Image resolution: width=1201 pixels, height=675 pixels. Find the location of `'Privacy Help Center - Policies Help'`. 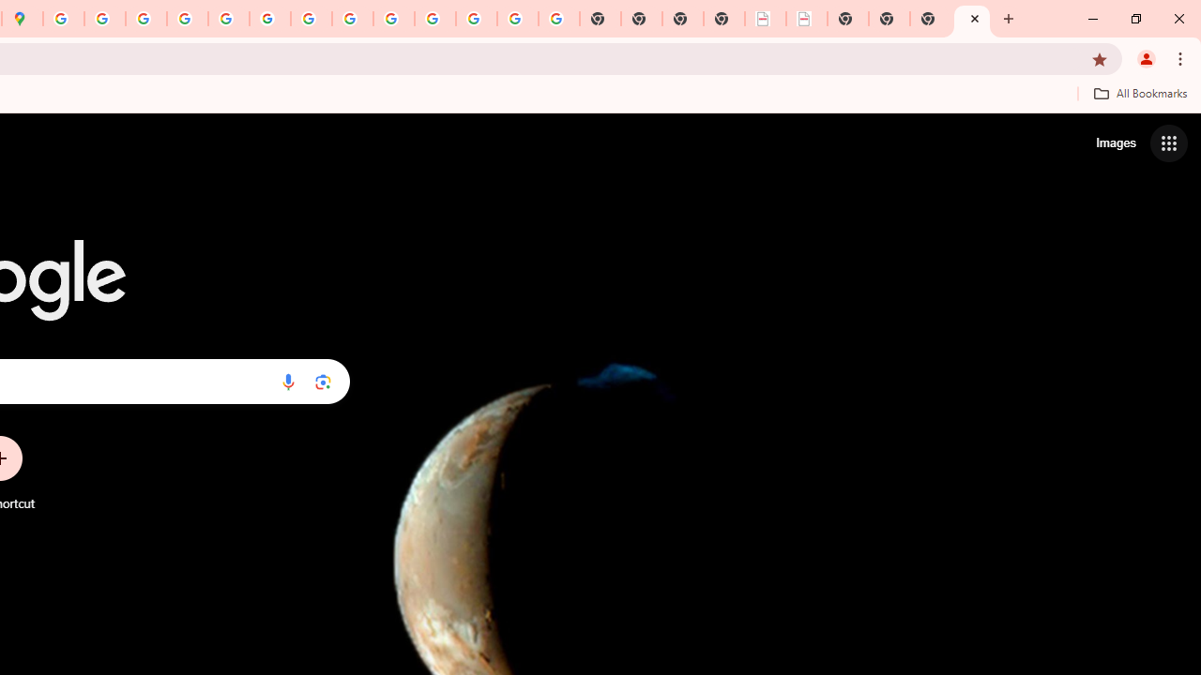

'Privacy Help Center - Policies Help' is located at coordinates (145, 19).